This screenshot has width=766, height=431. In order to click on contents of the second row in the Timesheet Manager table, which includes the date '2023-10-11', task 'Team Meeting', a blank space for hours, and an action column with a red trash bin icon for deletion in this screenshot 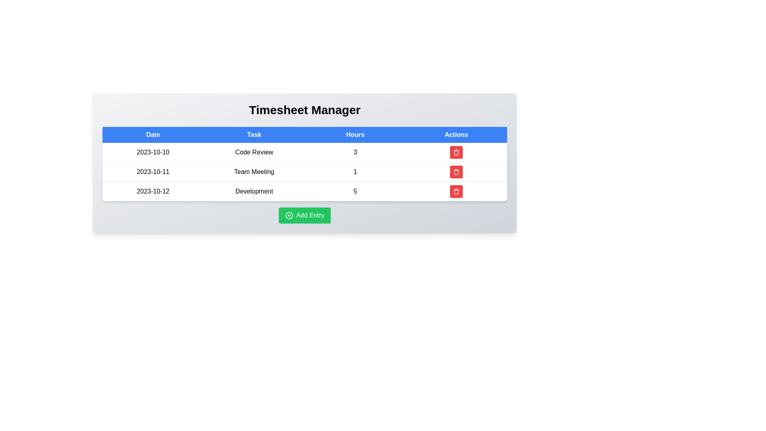, I will do `click(304, 172)`.